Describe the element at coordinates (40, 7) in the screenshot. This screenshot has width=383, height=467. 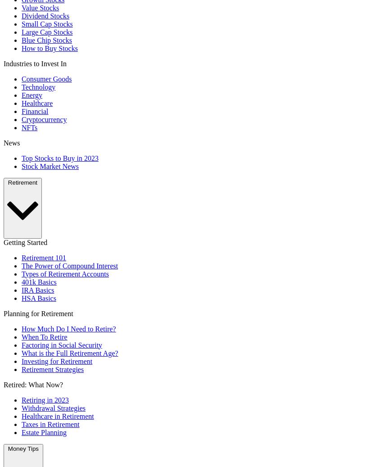
I see `'Value Stocks'` at that location.